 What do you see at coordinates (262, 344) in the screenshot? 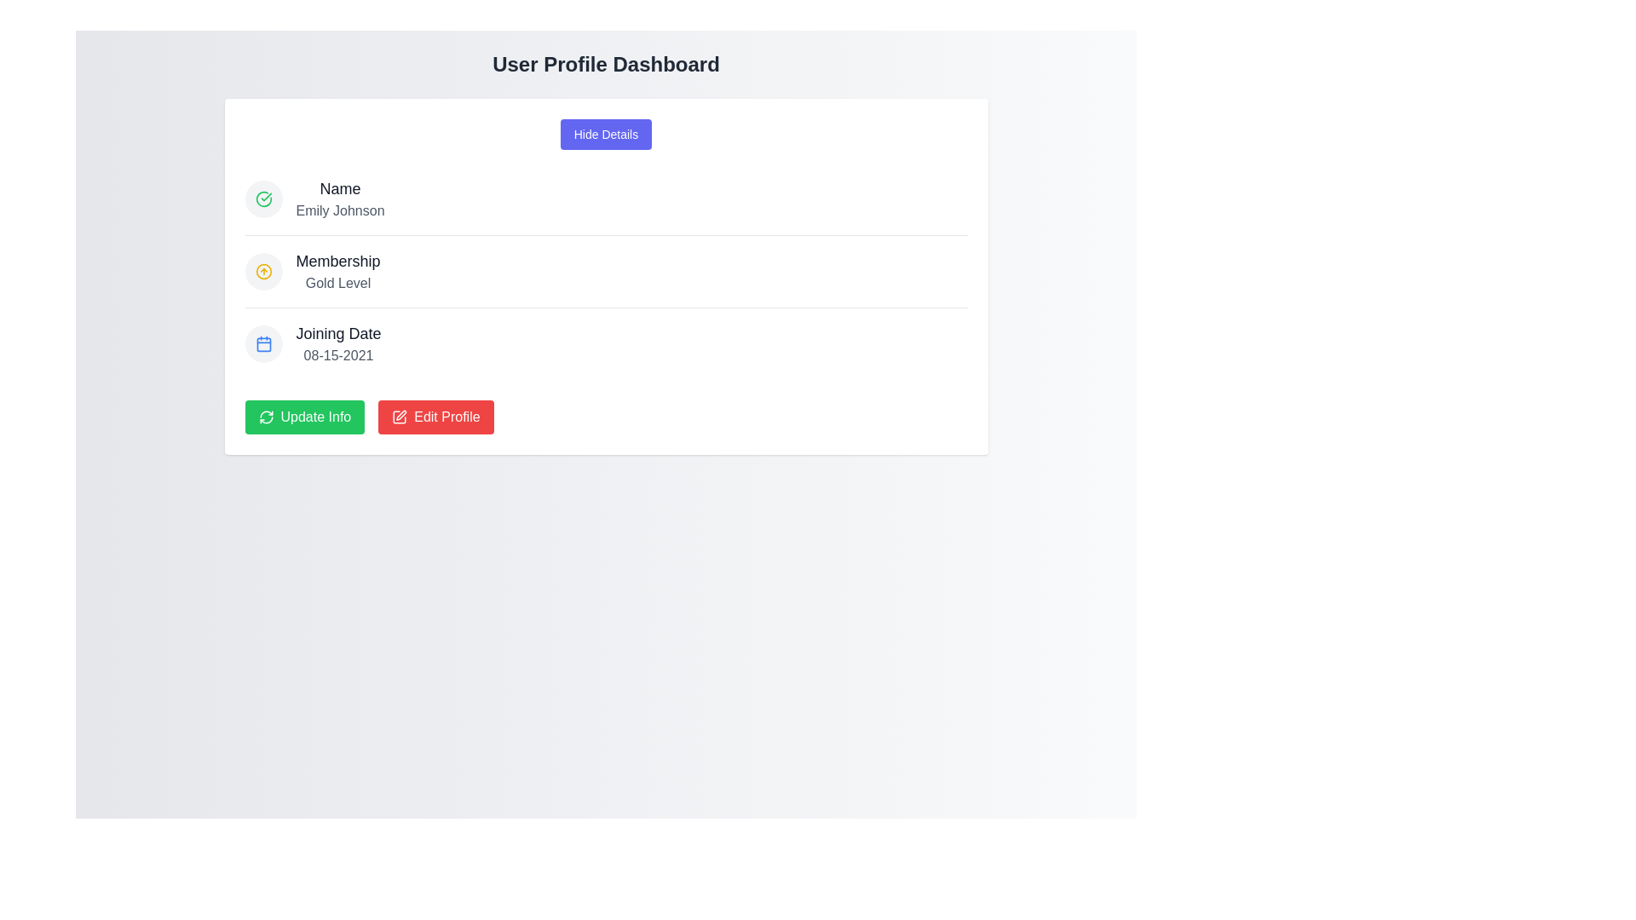
I see `the calendar icon located to the left of the text 'Joining Date 08-15-2021' in the 'Joining Date' section` at bounding box center [262, 344].